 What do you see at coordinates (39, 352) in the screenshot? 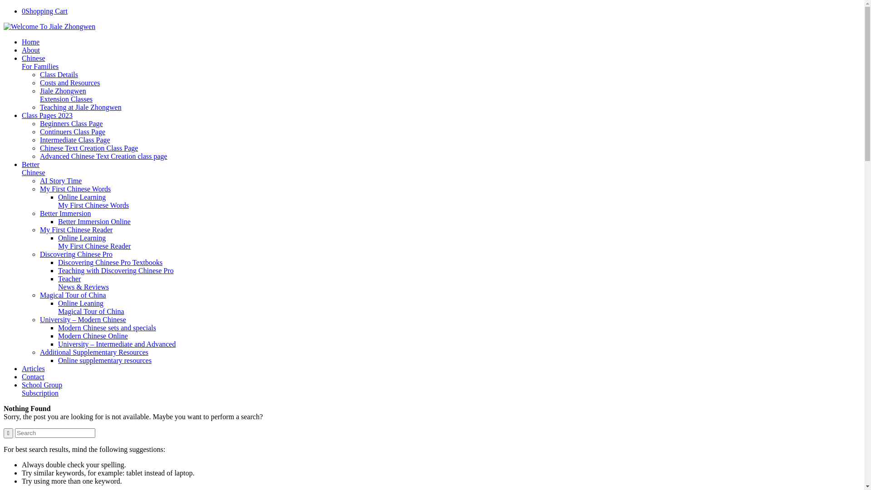
I see `'Additional Supplementary Resources'` at bounding box center [39, 352].